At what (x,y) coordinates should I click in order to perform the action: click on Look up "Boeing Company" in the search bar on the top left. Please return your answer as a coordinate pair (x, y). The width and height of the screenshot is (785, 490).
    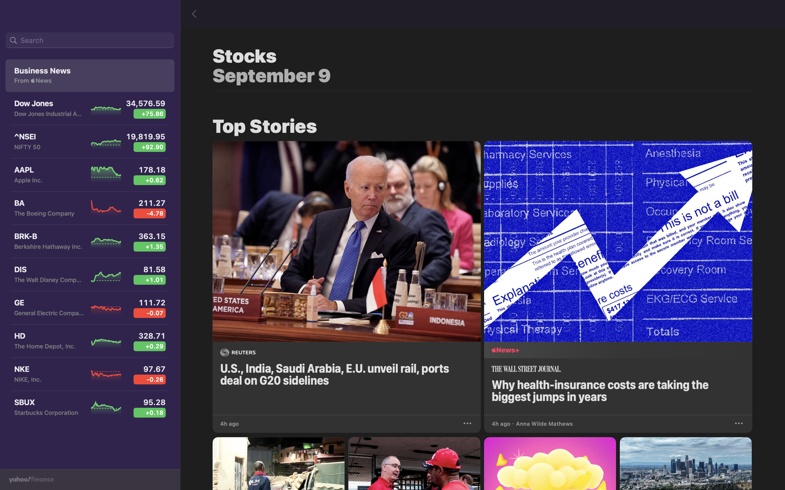
    Looking at the image, I should click on (90, 41).